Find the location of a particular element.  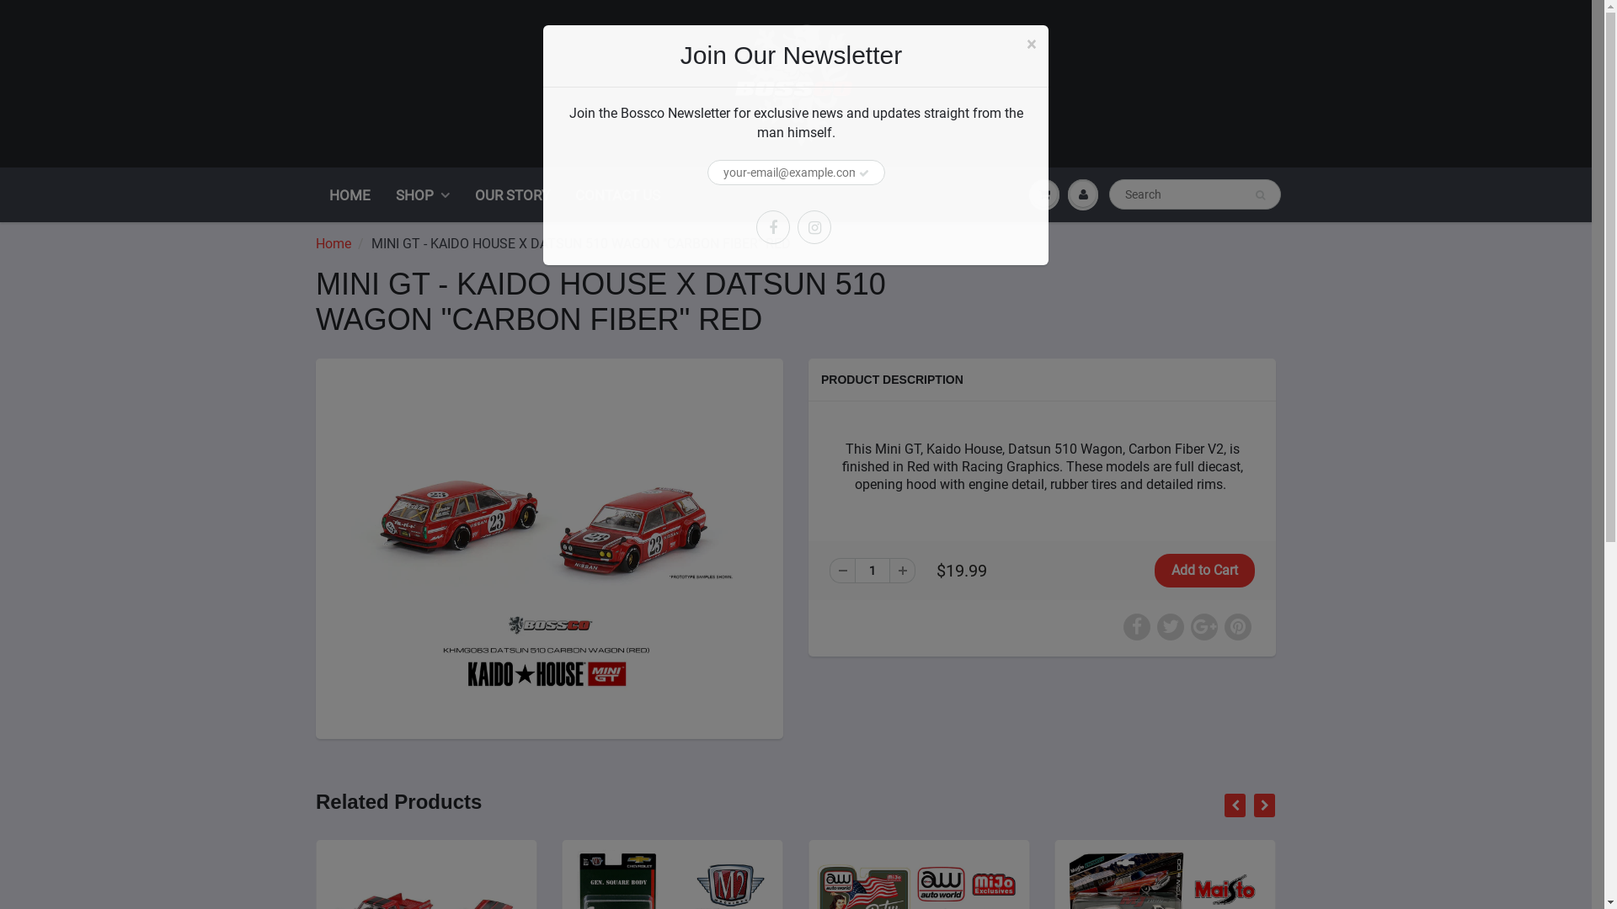

'Home' is located at coordinates (315, 243).